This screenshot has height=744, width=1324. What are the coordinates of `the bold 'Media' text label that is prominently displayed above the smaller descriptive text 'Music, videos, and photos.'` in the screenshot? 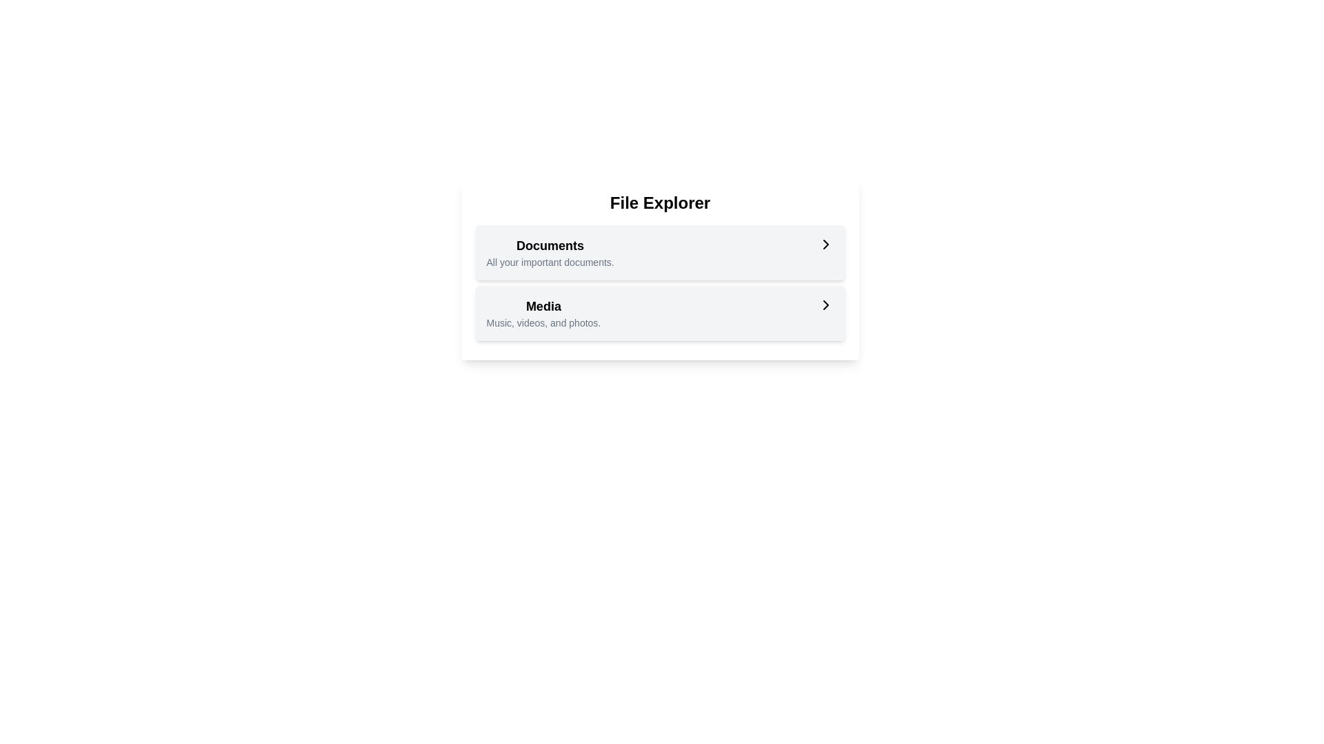 It's located at (543, 305).